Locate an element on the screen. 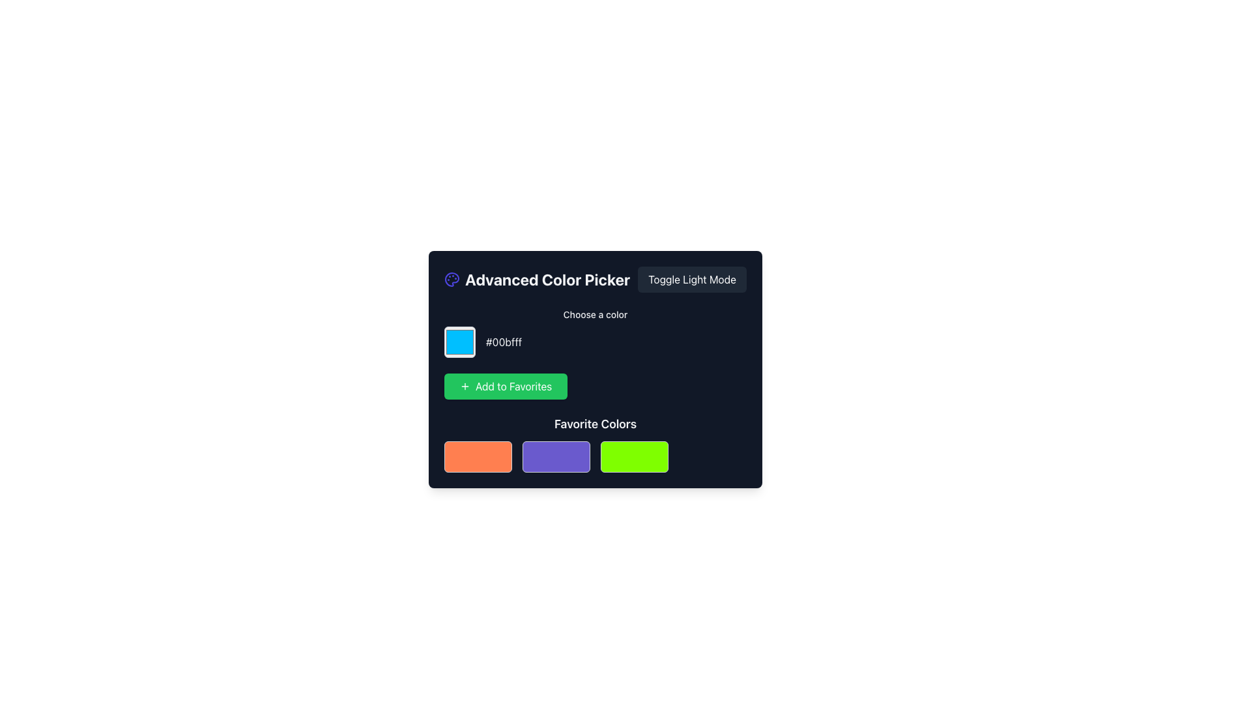 The height and width of the screenshot is (704, 1251). the text heading labeled 'Favorite Colors', which is bold and prominently displayed at the top of the section containing color grid elements is located at coordinates (594, 424).